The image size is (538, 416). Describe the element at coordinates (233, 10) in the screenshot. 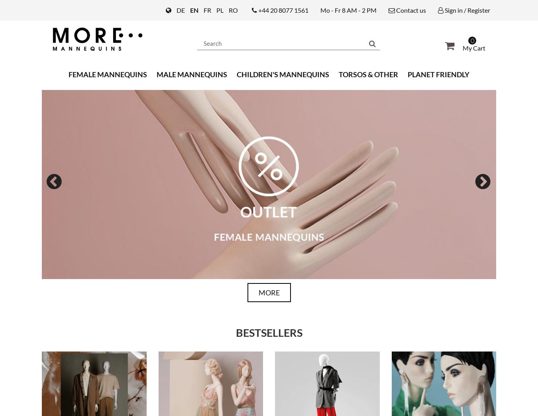

I see `'RO'` at that location.